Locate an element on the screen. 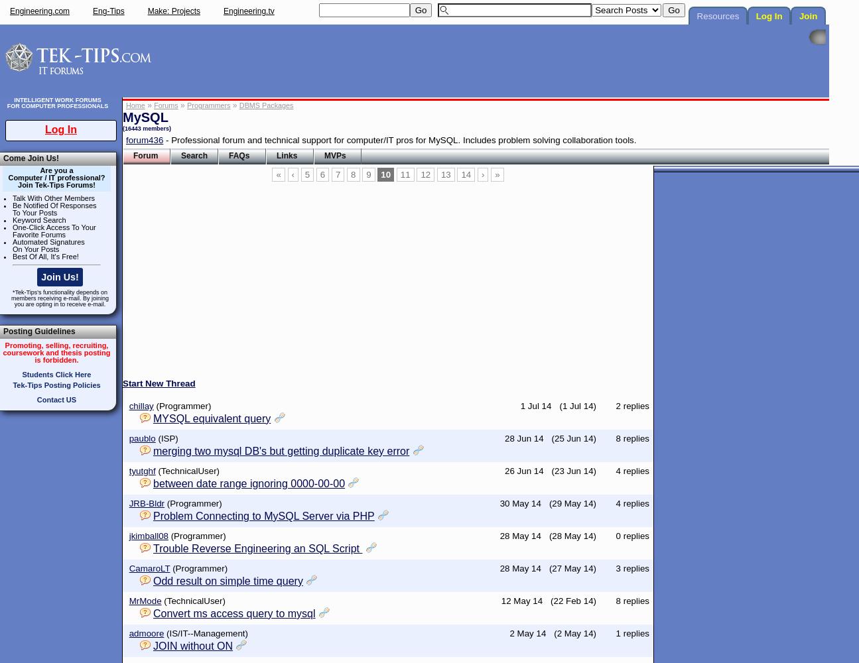 The image size is (859, 663). 'INTELLIGENT WORK FORUMS' is located at coordinates (56, 100).